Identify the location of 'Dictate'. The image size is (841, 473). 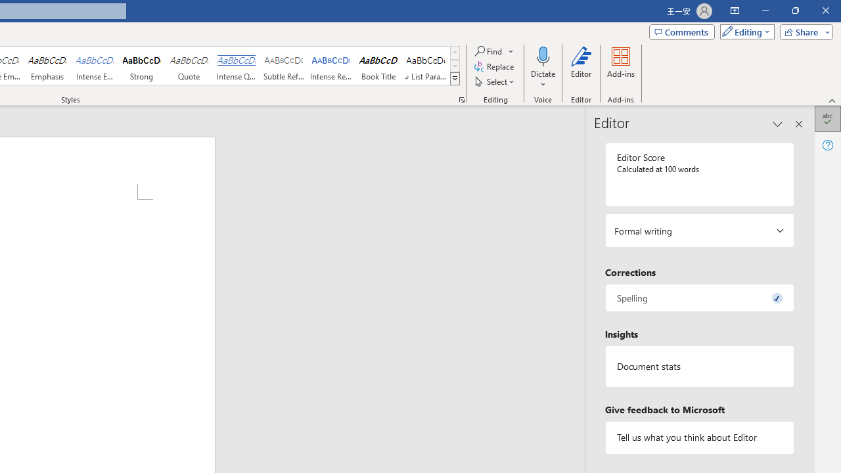
(543, 55).